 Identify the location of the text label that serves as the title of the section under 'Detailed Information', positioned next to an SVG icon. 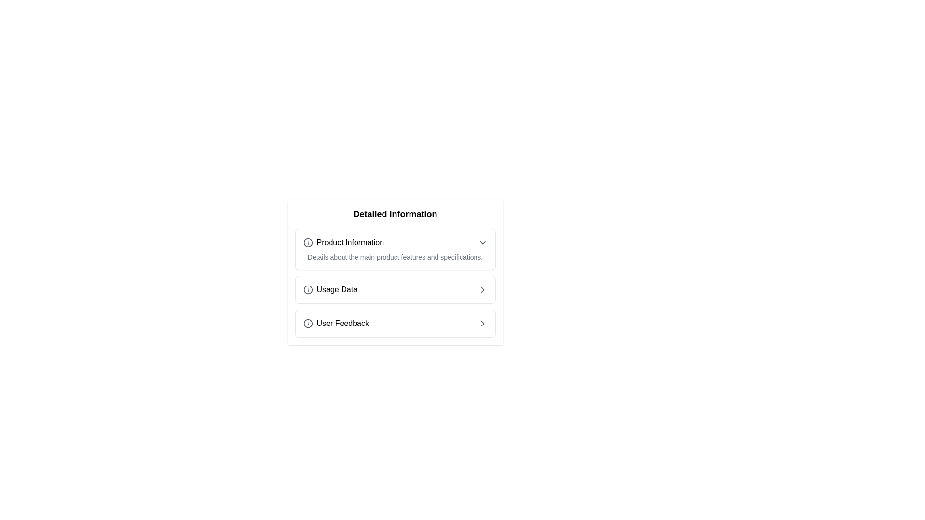
(350, 242).